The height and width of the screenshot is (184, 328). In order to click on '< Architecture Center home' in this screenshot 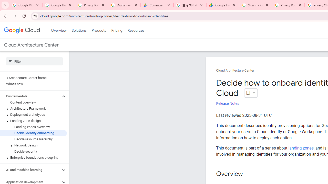, I will do `click(33, 78)`.